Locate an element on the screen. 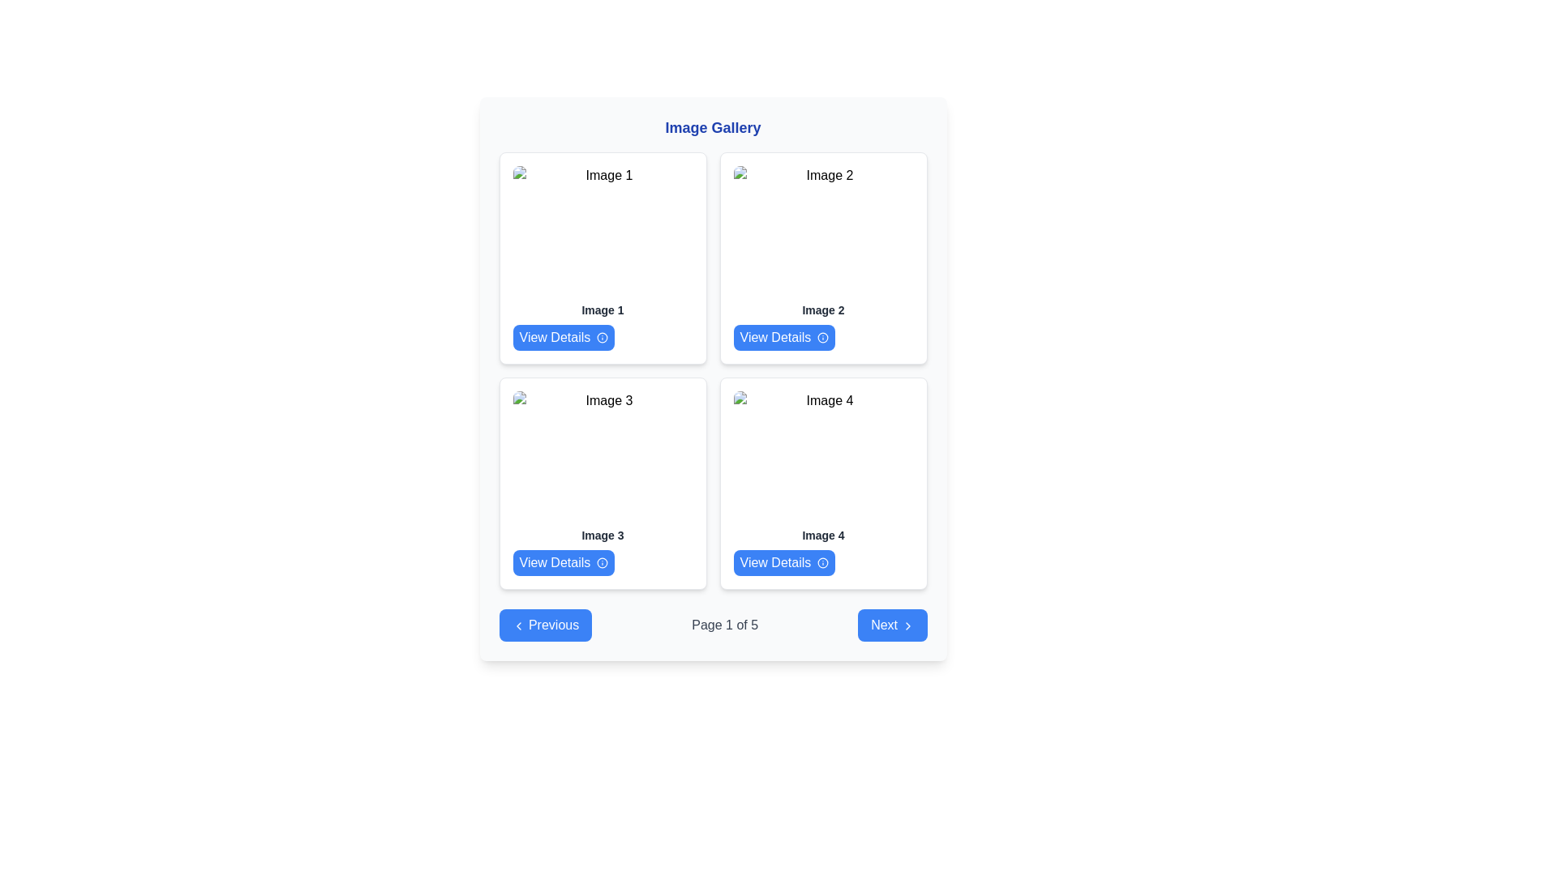  the small circular icon with a blue border and white inner fill, located within the 'View Details' button of the fourth item in the image gallery is located at coordinates (823, 561).